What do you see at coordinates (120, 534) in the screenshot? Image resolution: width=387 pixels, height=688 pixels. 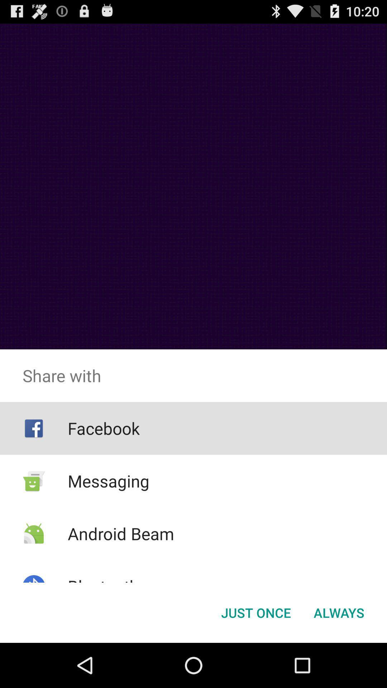 I see `the app below messaging icon` at bounding box center [120, 534].